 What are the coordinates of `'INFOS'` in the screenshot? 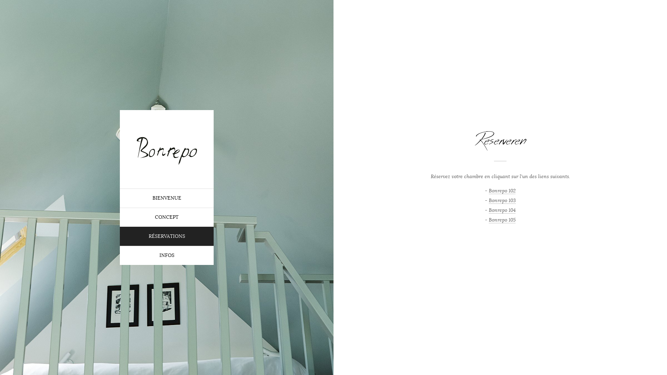 It's located at (120, 255).